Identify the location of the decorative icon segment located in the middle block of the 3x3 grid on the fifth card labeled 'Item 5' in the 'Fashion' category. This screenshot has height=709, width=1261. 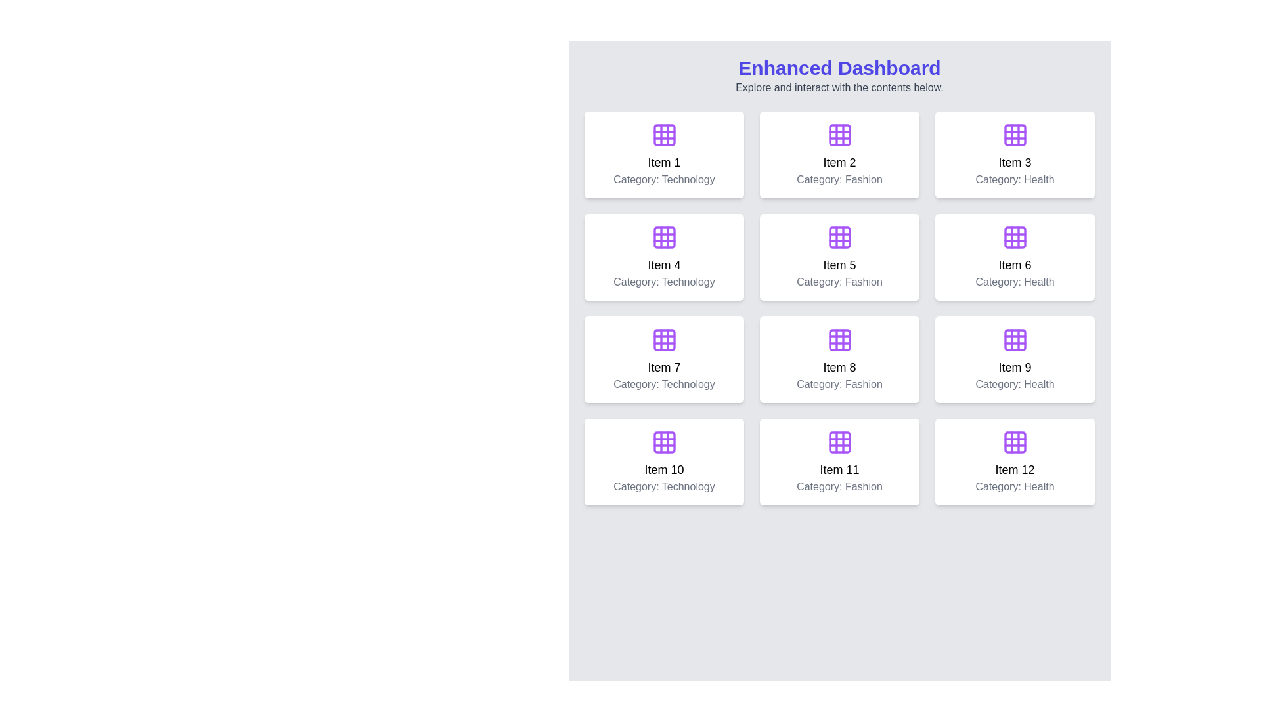
(839, 238).